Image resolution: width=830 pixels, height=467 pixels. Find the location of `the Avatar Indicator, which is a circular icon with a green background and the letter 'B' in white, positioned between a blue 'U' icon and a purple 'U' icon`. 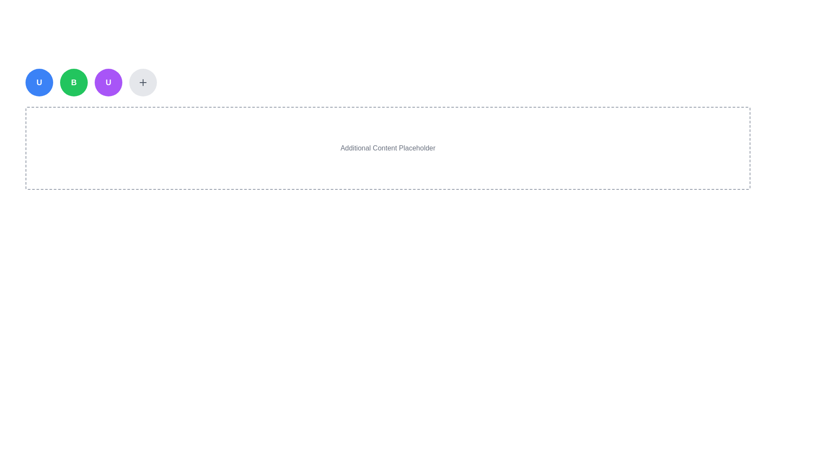

the Avatar Indicator, which is a circular icon with a green background and the letter 'B' in white, positioned between a blue 'U' icon and a purple 'U' icon is located at coordinates (74, 83).